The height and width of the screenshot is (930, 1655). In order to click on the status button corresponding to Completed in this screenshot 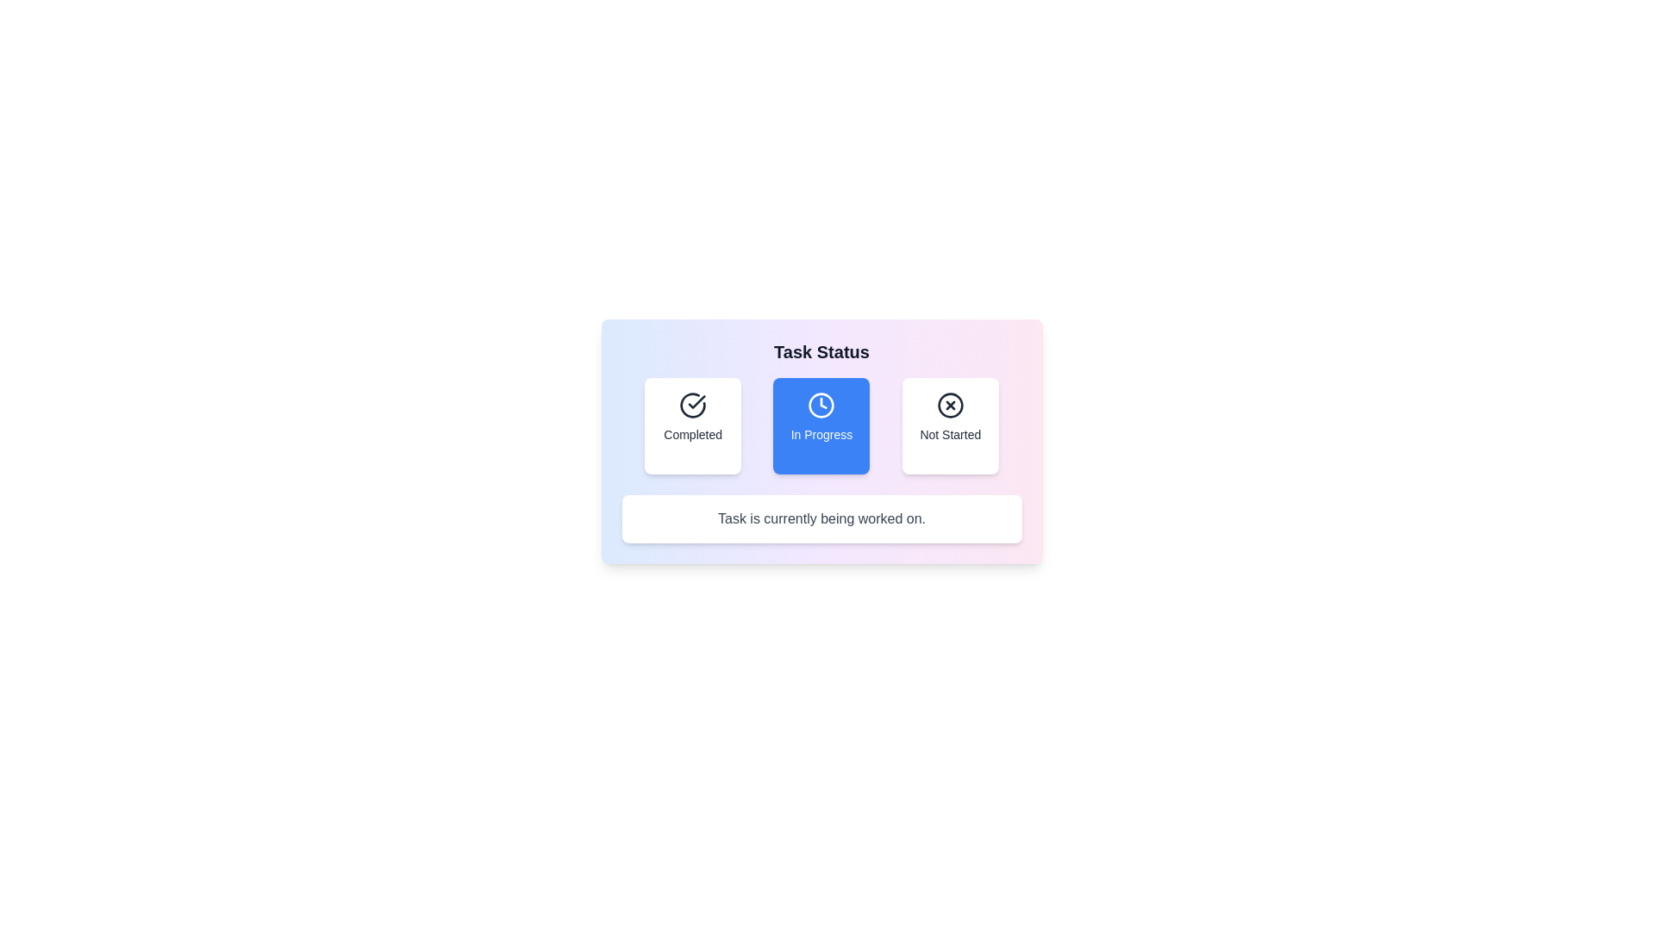, I will do `click(693, 425)`.